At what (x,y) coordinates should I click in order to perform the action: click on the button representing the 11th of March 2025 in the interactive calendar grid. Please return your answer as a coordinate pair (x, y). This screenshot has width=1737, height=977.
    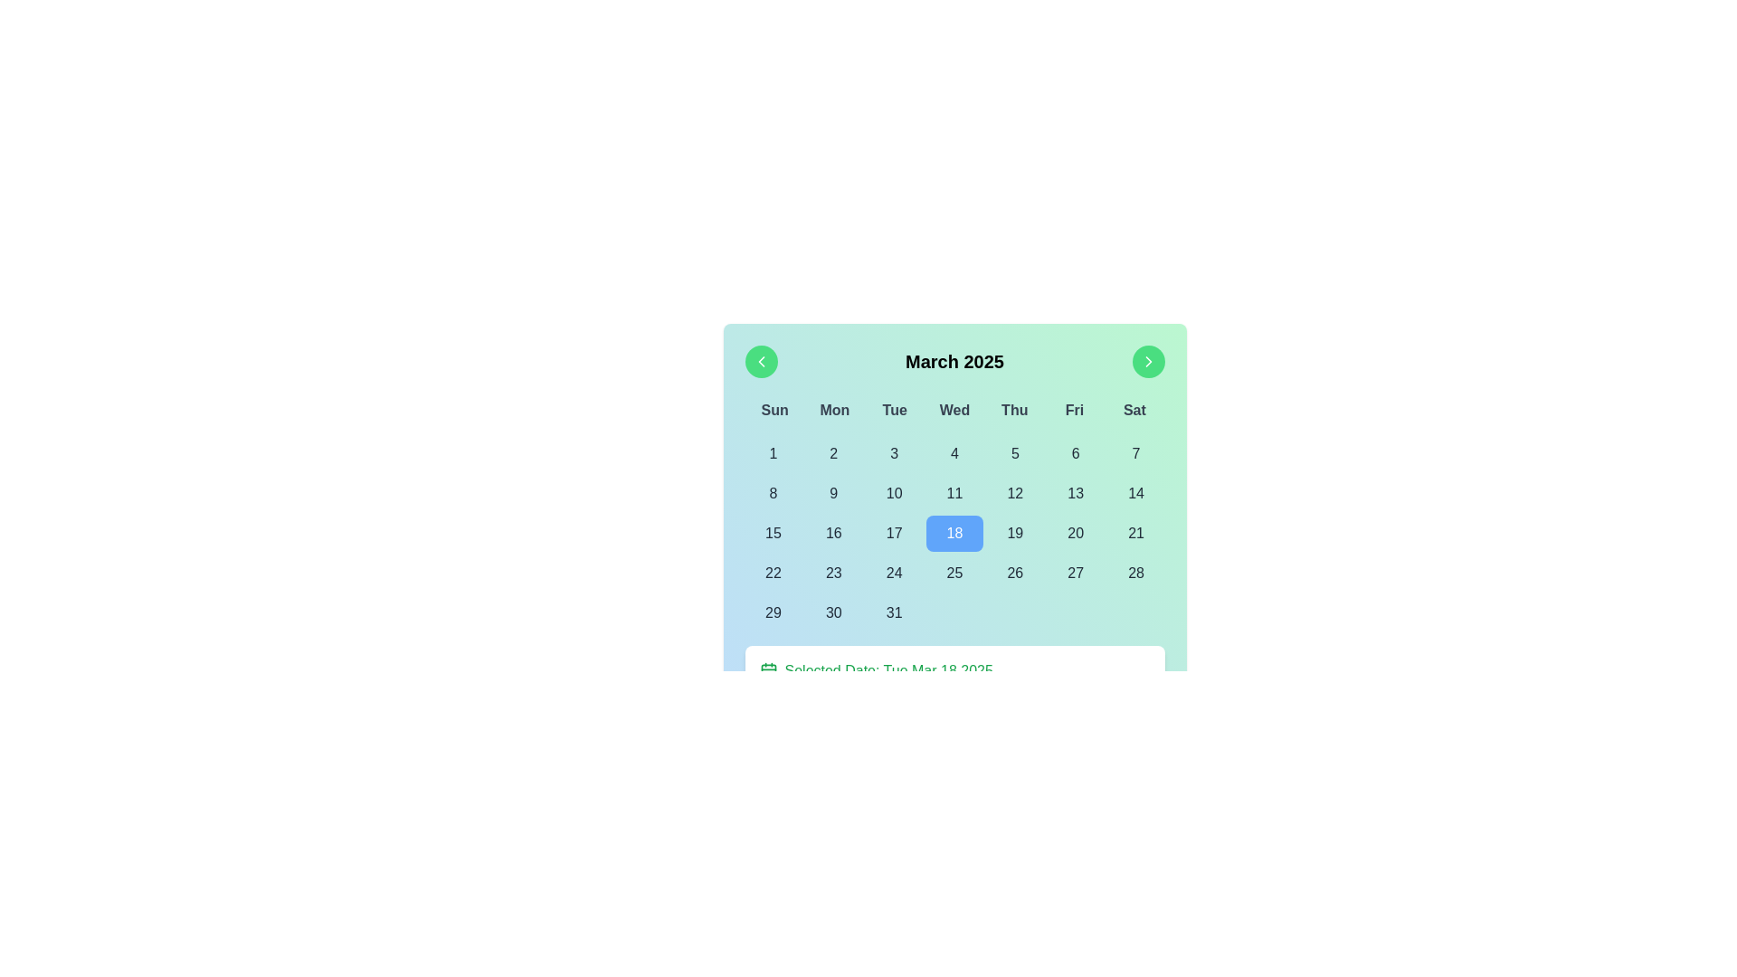
    Looking at the image, I should click on (954, 494).